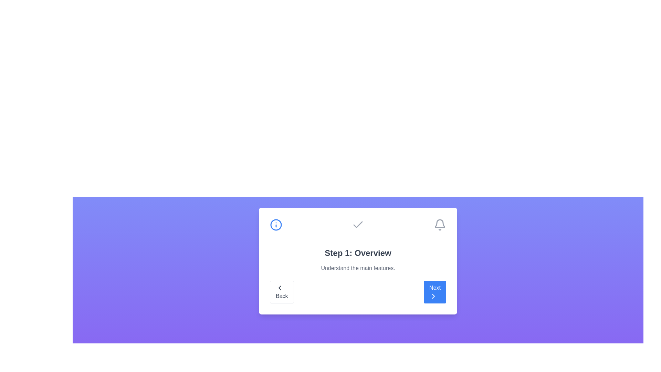 The image size is (661, 372). What do you see at coordinates (439, 225) in the screenshot?
I see `the step icon for step 3` at bounding box center [439, 225].